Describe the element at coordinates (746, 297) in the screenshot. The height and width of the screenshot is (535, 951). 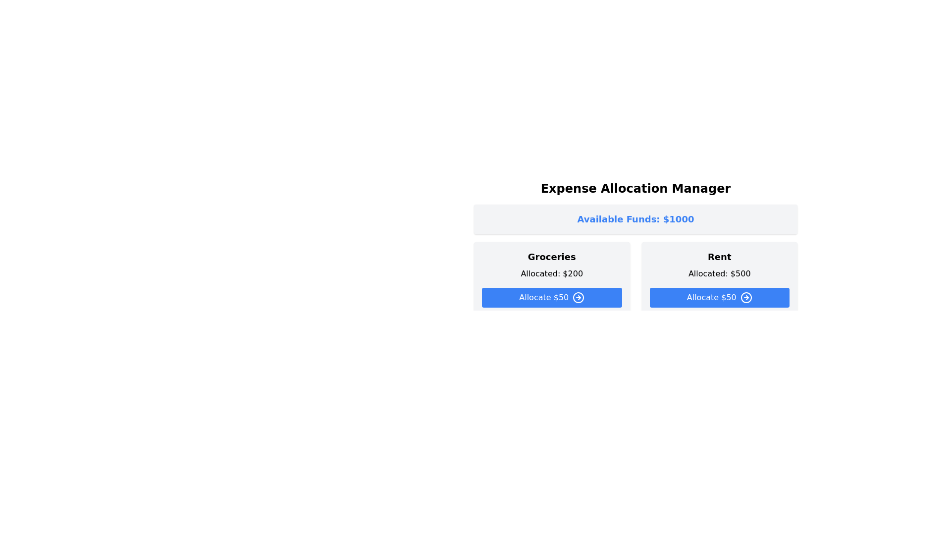
I see `the target SVG graphic within the 'Allocate $50' button in the 'Rent' allocation section to trigger the hover state` at that location.